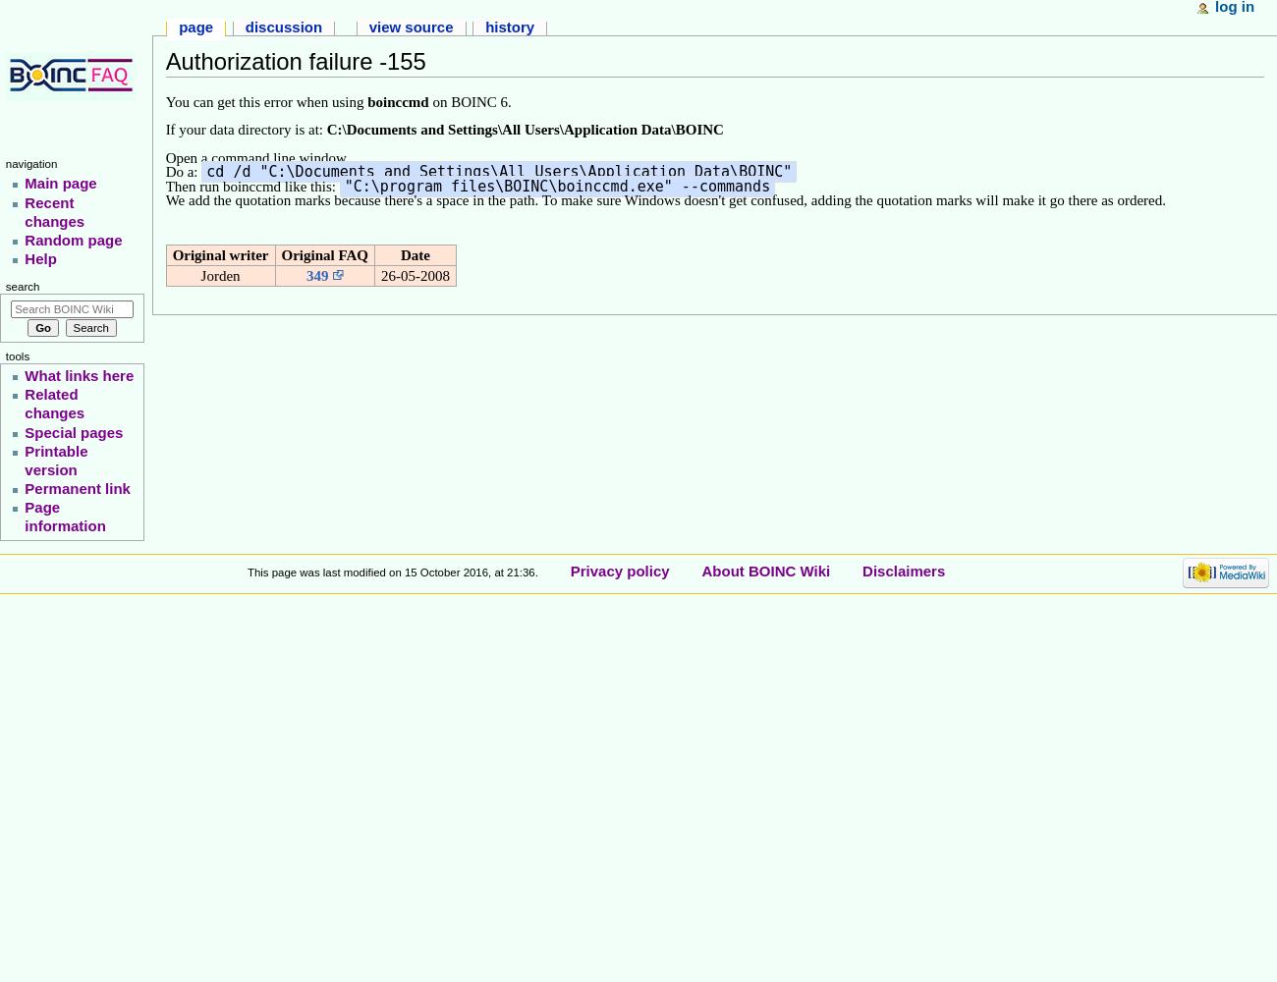 The width and height of the screenshot is (1277, 982). Describe the element at coordinates (265, 100) in the screenshot. I see `'You can get this error when using'` at that location.